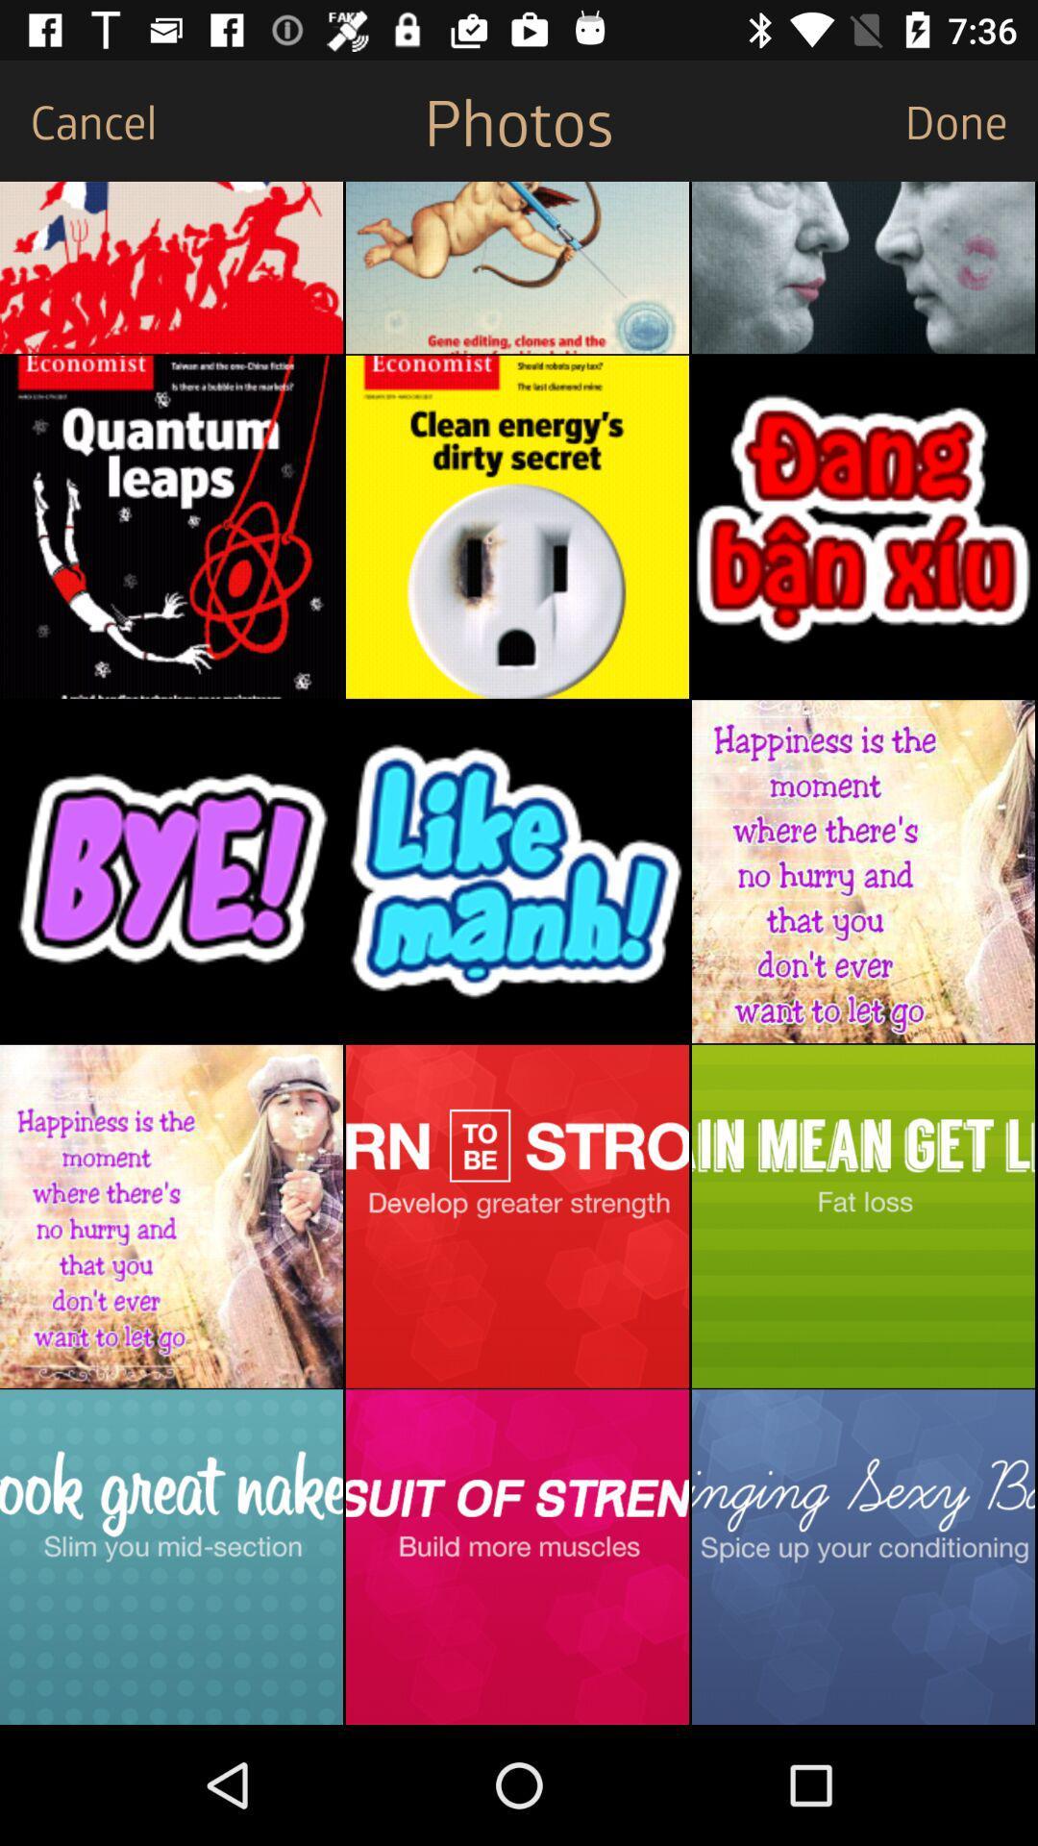 The height and width of the screenshot is (1846, 1038). What do you see at coordinates (516, 870) in the screenshot?
I see `image` at bounding box center [516, 870].